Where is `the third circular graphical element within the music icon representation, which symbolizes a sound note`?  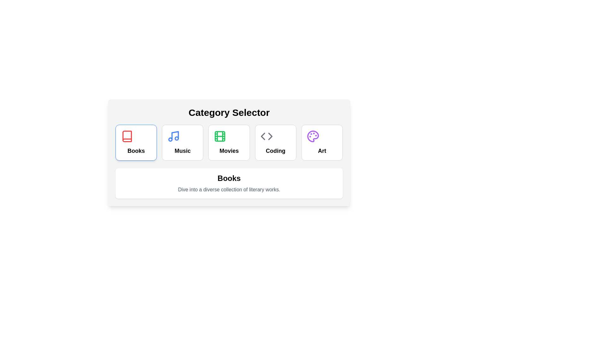
the third circular graphical element within the music icon representation, which symbolizes a sound note is located at coordinates (177, 138).